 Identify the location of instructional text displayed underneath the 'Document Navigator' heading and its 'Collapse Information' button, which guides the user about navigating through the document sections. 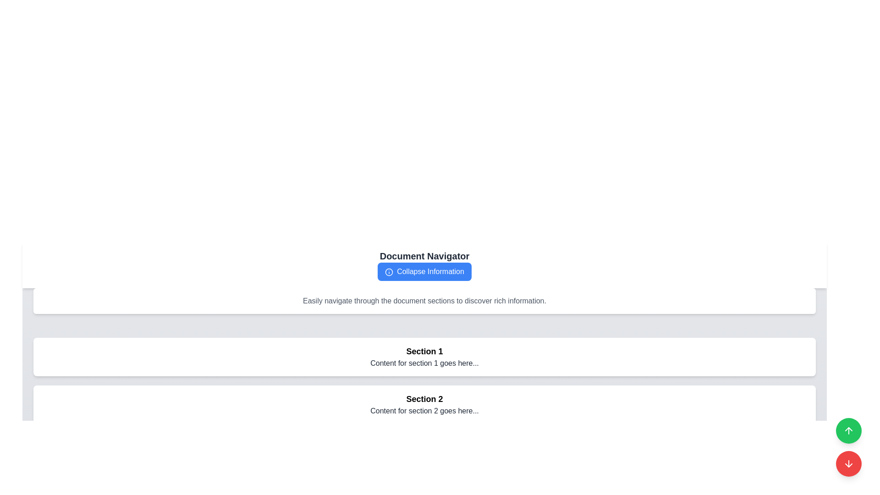
(424, 301).